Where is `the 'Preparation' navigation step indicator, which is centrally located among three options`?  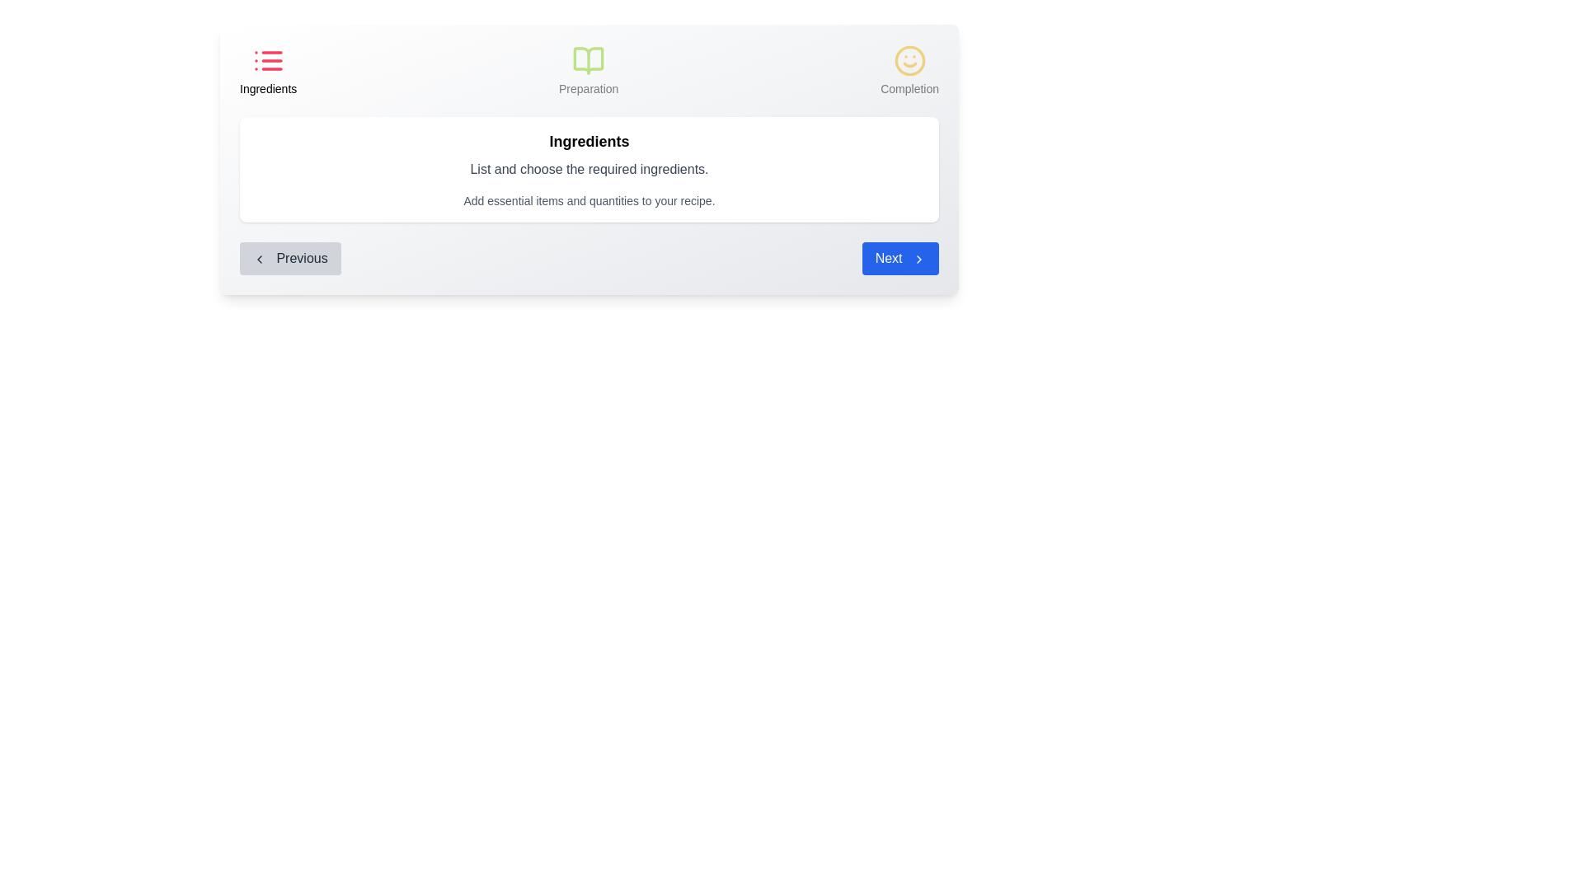 the 'Preparation' navigation step indicator, which is centrally located among three options is located at coordinates (589, 69).